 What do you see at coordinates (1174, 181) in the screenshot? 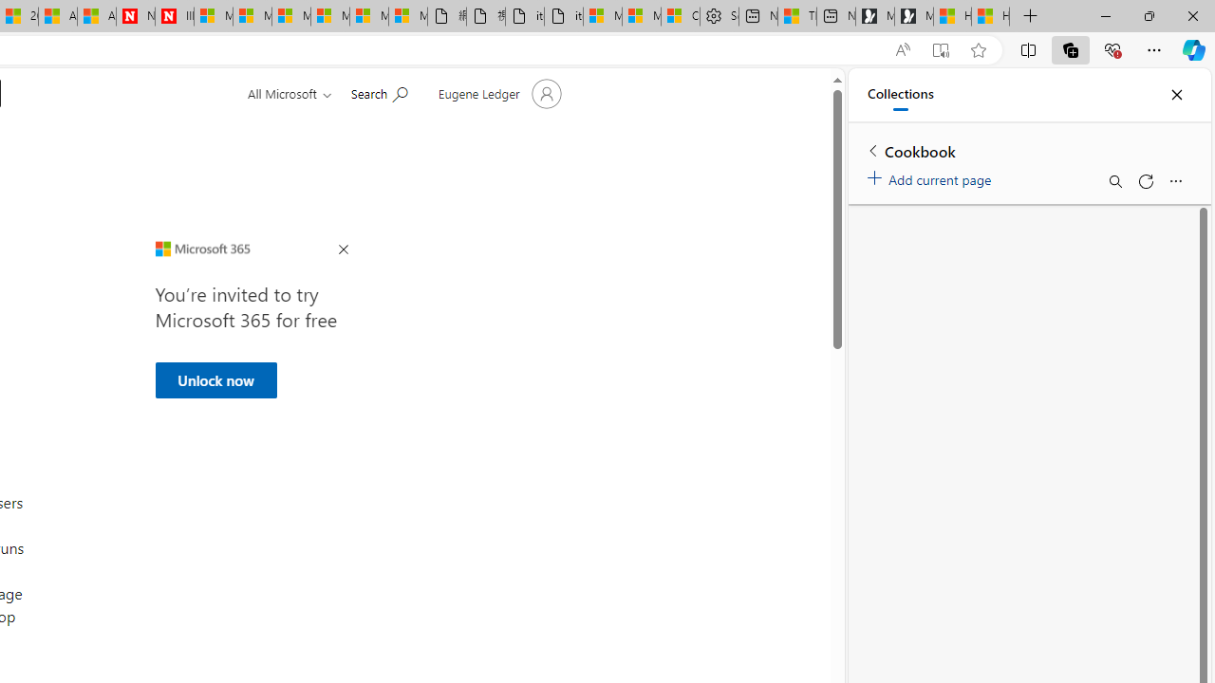
I see `'More options menu'` at bounding box center [1174, 181].